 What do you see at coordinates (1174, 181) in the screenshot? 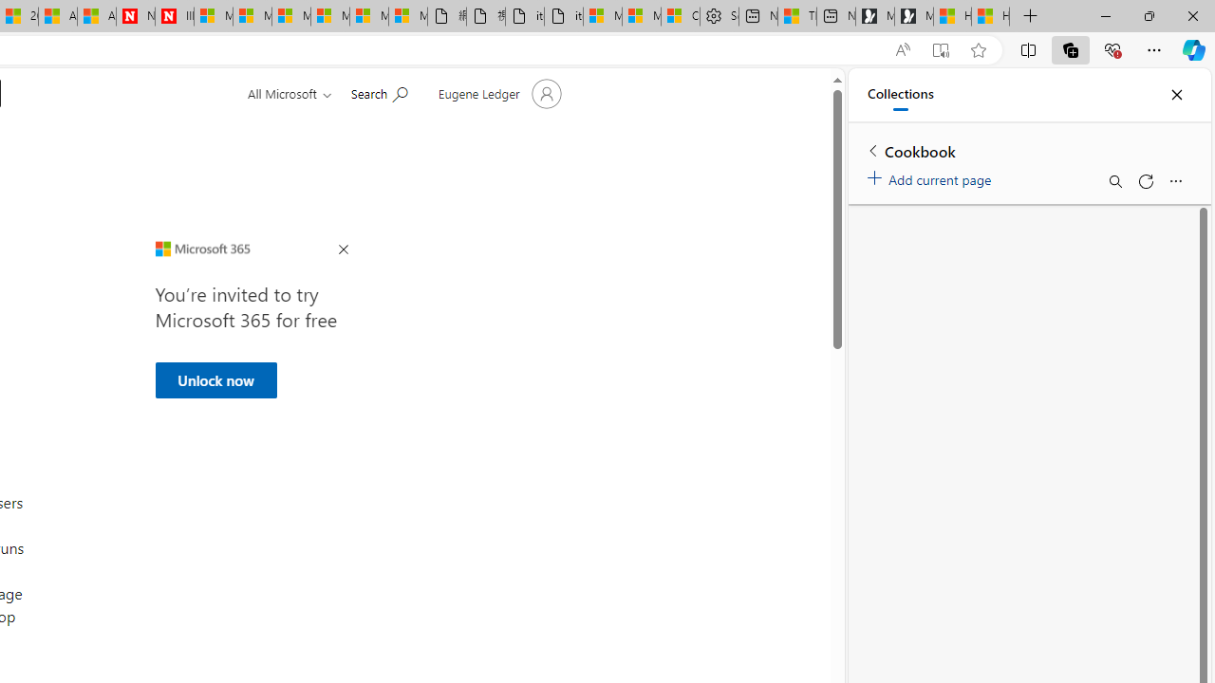
I see `'More options menu'` at bounding box center [1174, 181].